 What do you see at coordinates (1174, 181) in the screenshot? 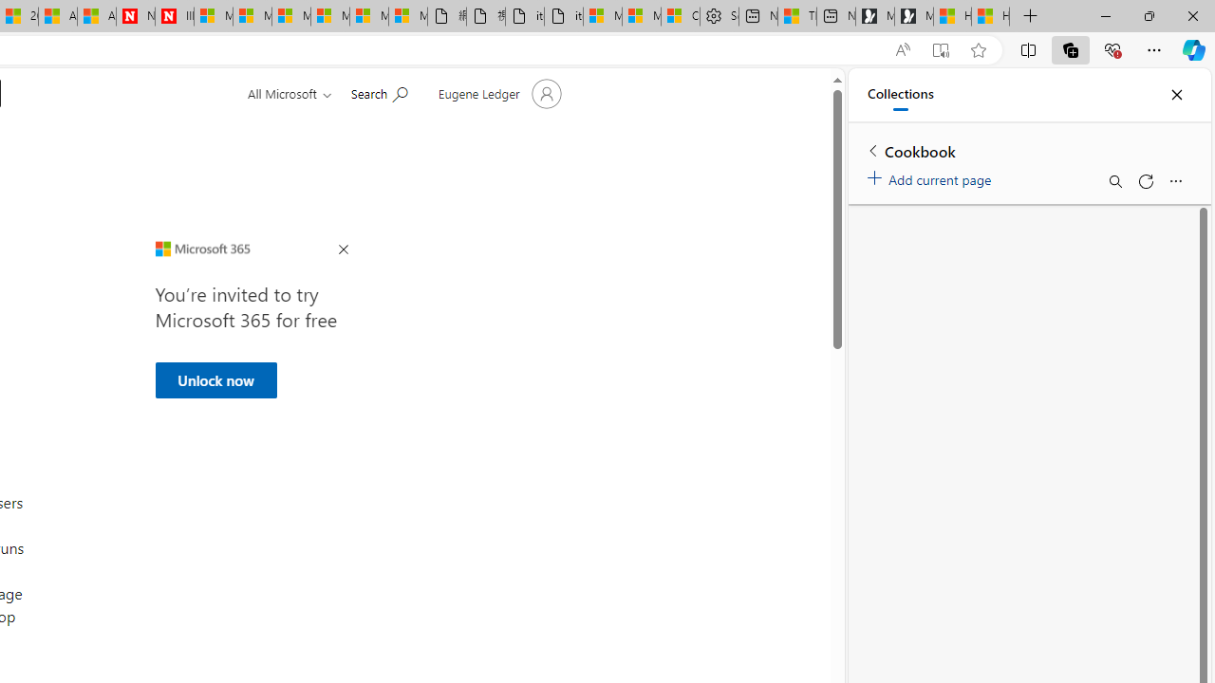
I see `'More options menu'` at bounding box center [1174, 181].